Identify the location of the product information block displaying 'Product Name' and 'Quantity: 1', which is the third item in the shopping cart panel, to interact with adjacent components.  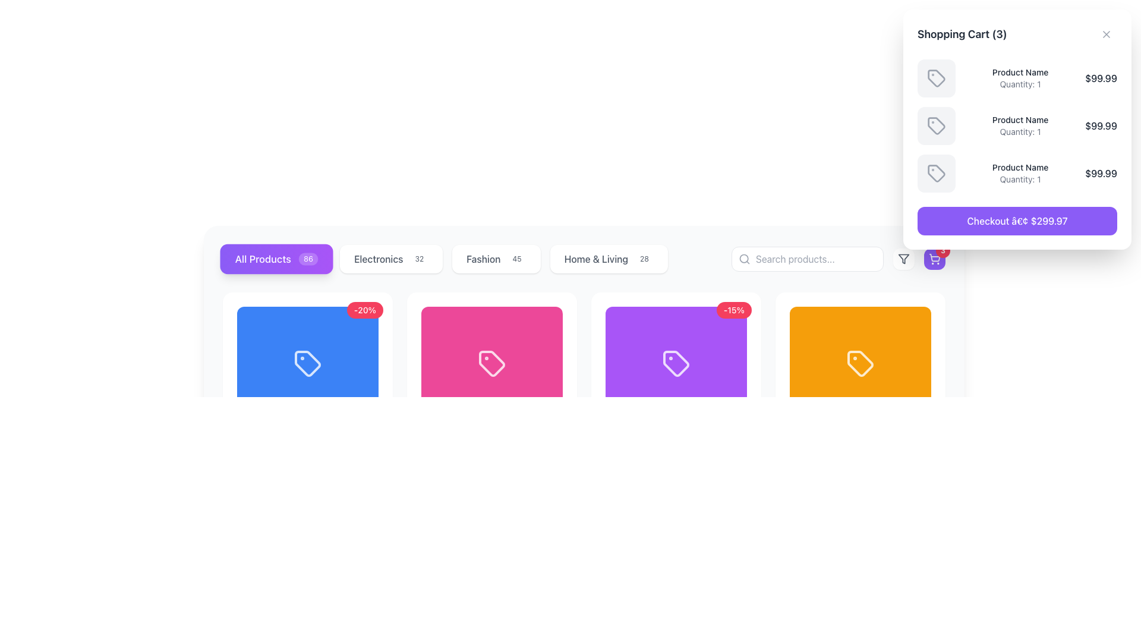
(1020, 174).